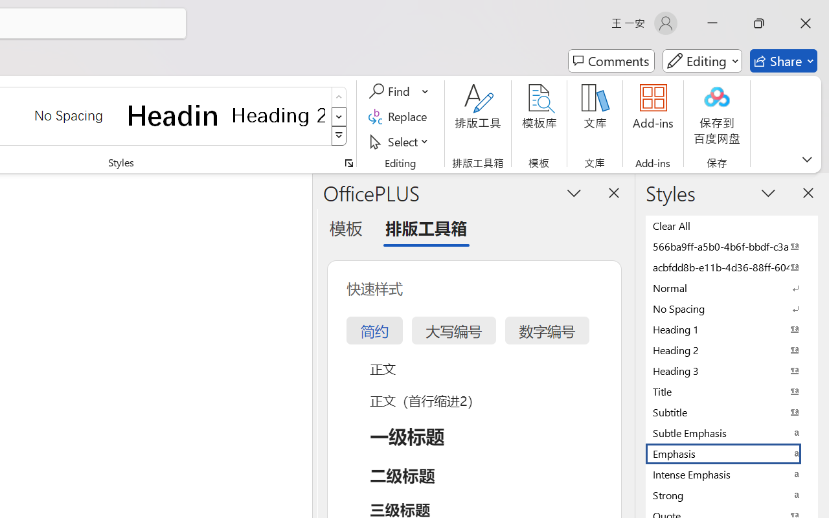 The height and width of the screenshot is (518, 829). I want to click on 'Heading 1', so click(173, 115).